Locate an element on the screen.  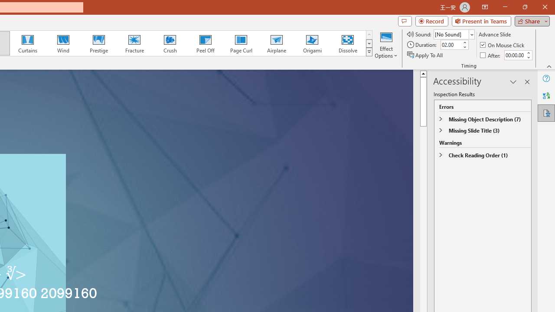
'Prestige' is located at coordinates (98, 43).